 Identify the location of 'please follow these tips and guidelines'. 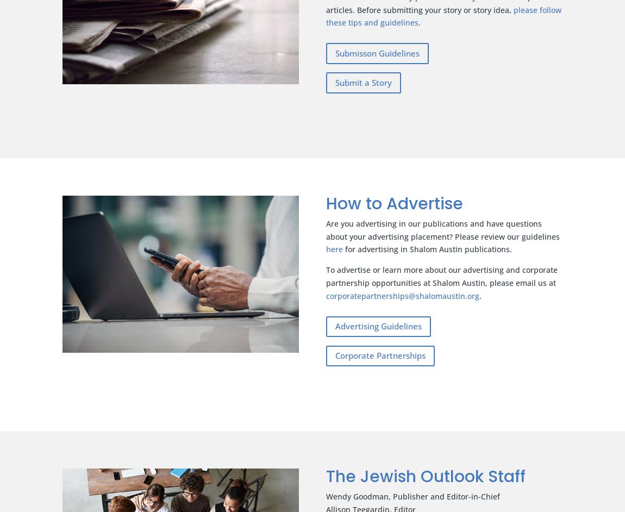
(443, 16).